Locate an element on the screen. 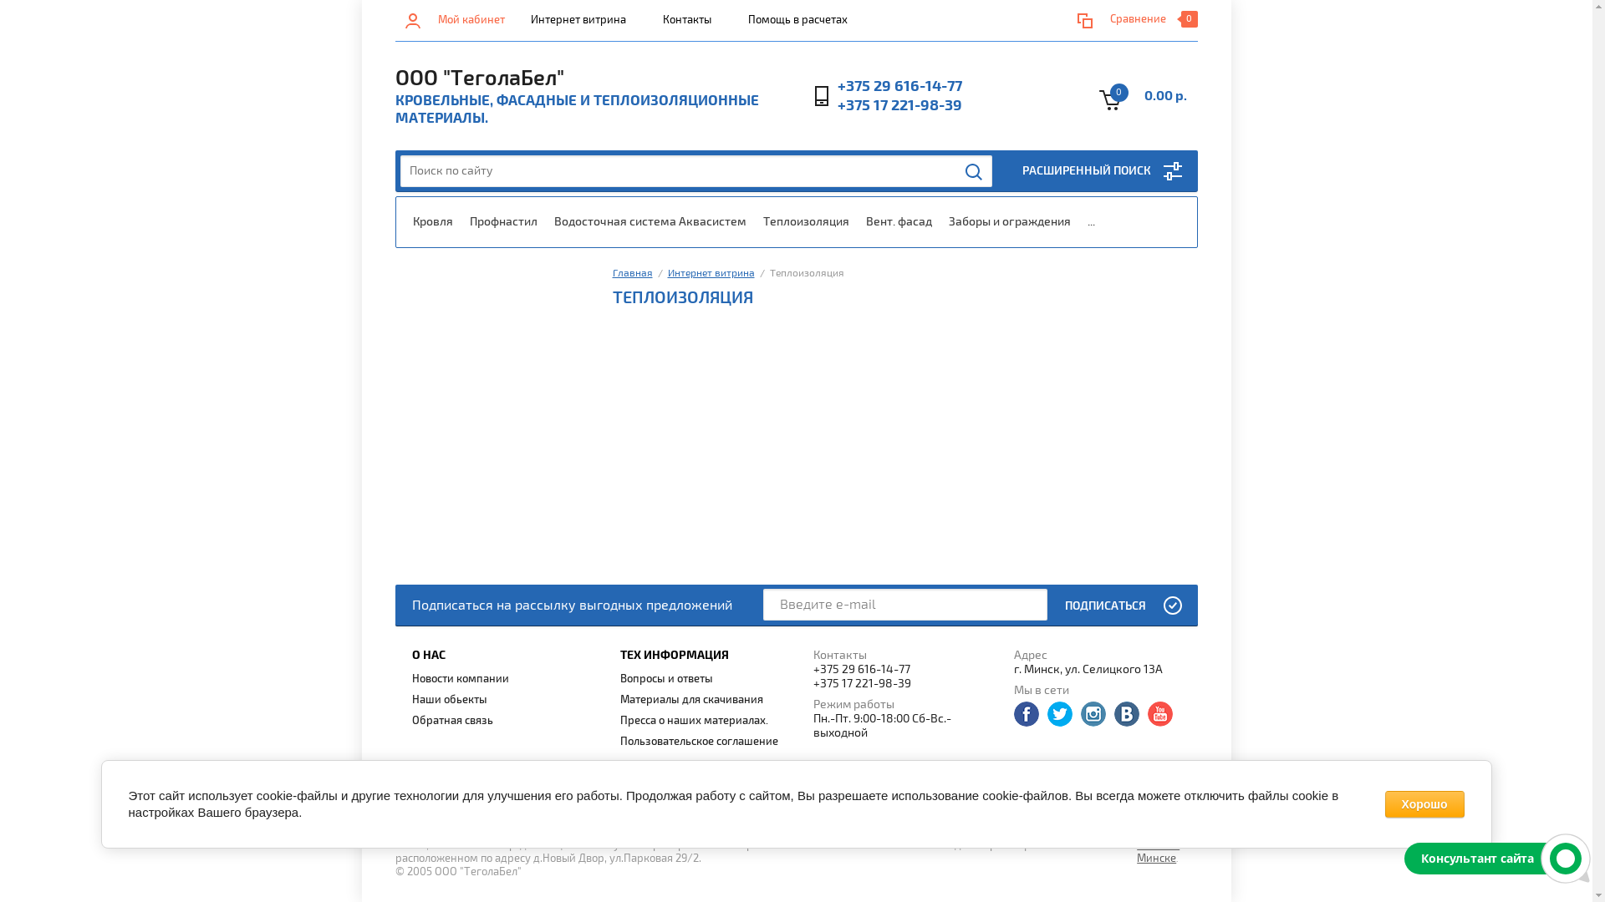  '+375 17 221-98-39' is located at coordinates (838, 105).